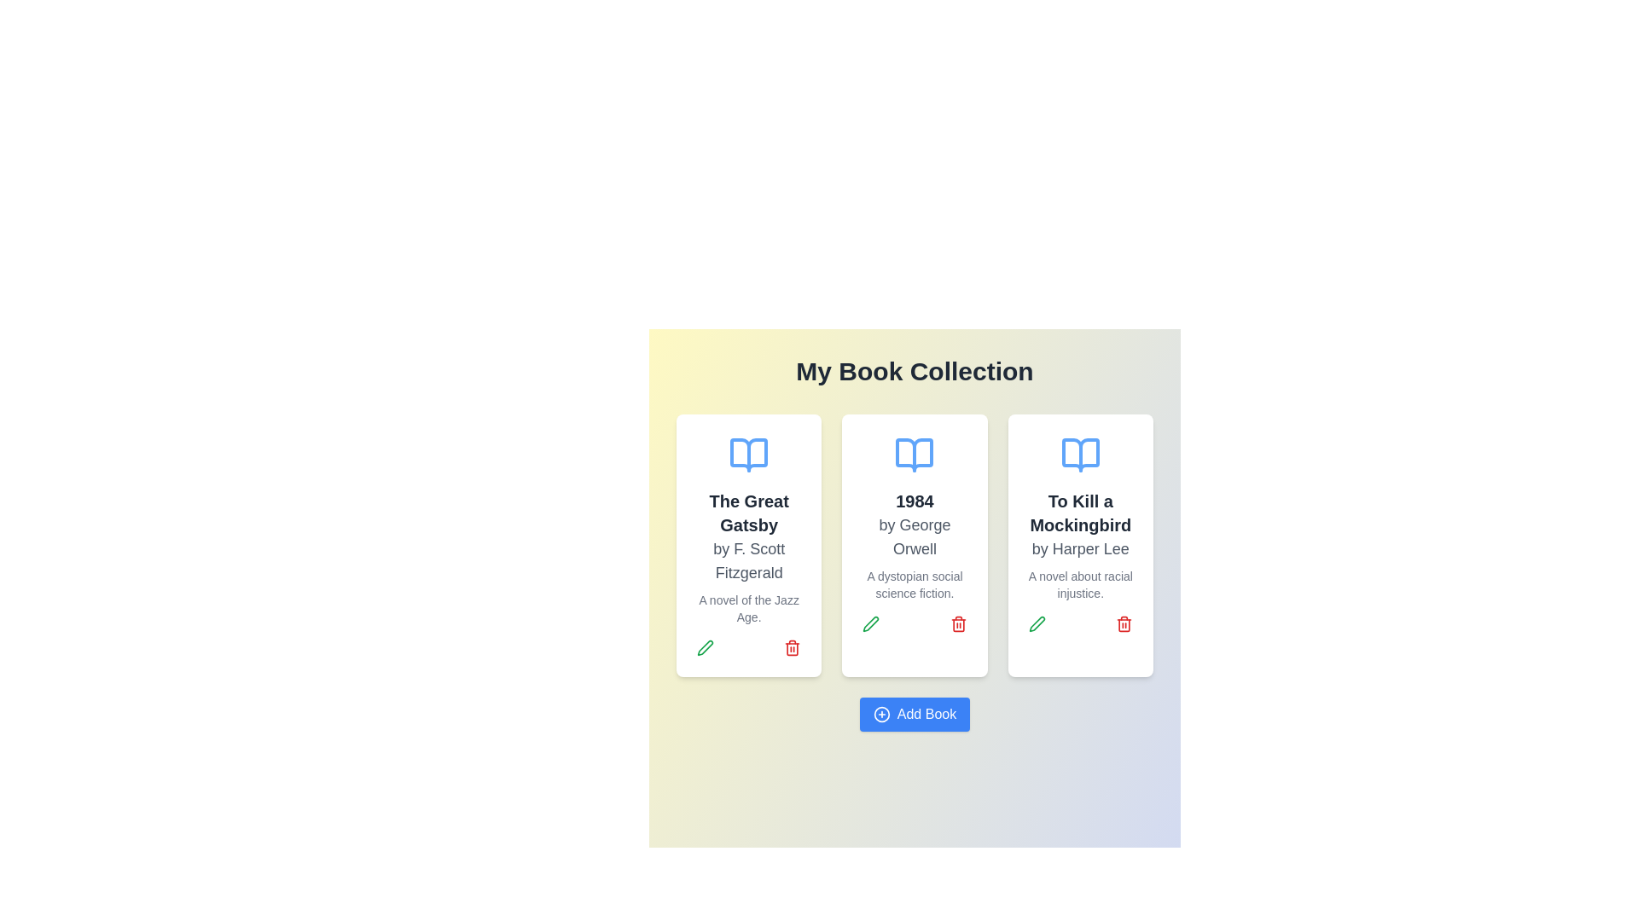  Describe the element at coordinates (871, 624) in the screenshot. I see `the button that allows users to edit the book details for '1984 by George Orwell', located below the book's description text and next to the red trash icon` at that location.